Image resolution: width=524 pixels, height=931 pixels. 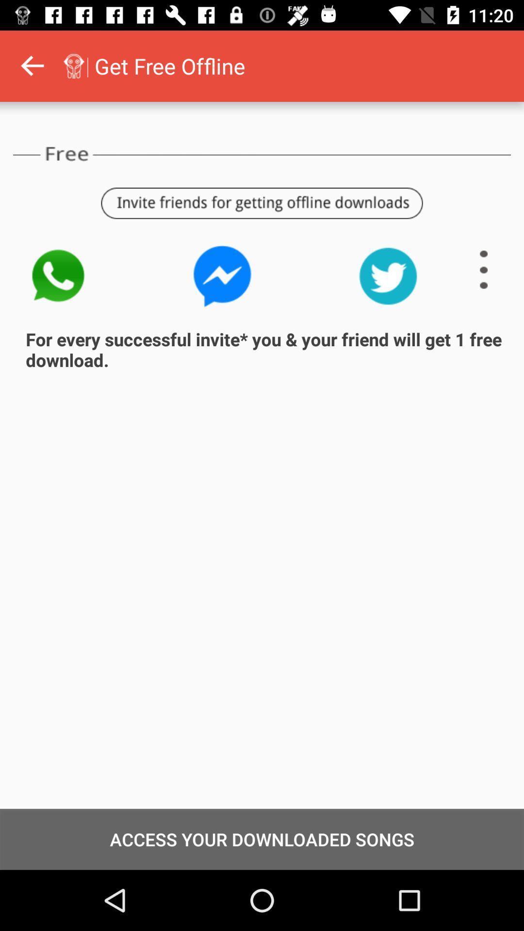 I want to click on icon above the access your downloaded, so click(x=0, y=65).